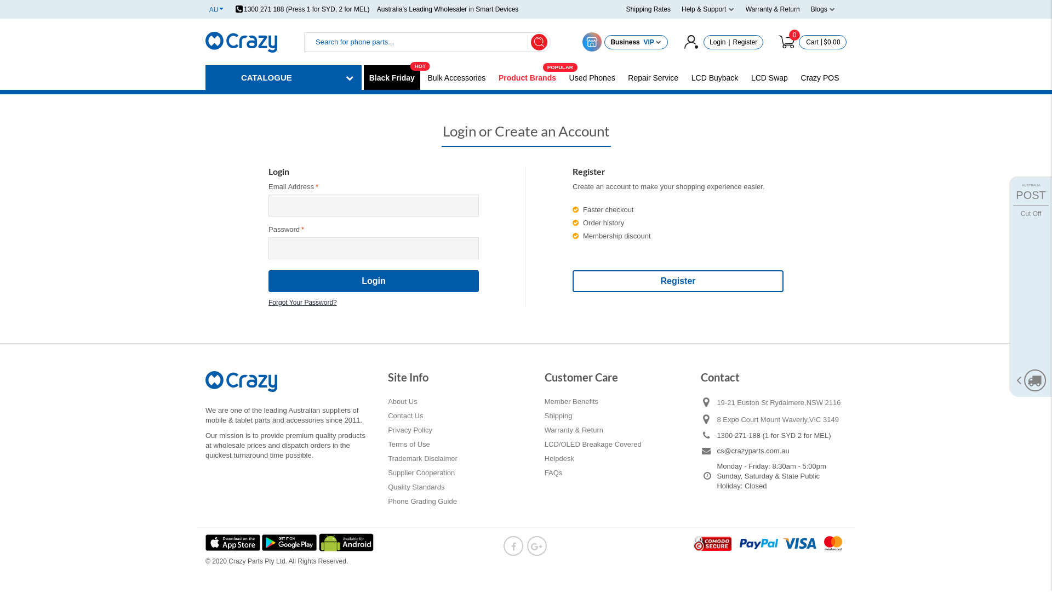 This screenshot has height=592, width=1052. I want to click on 'Terms of Use', so click(408, 444).